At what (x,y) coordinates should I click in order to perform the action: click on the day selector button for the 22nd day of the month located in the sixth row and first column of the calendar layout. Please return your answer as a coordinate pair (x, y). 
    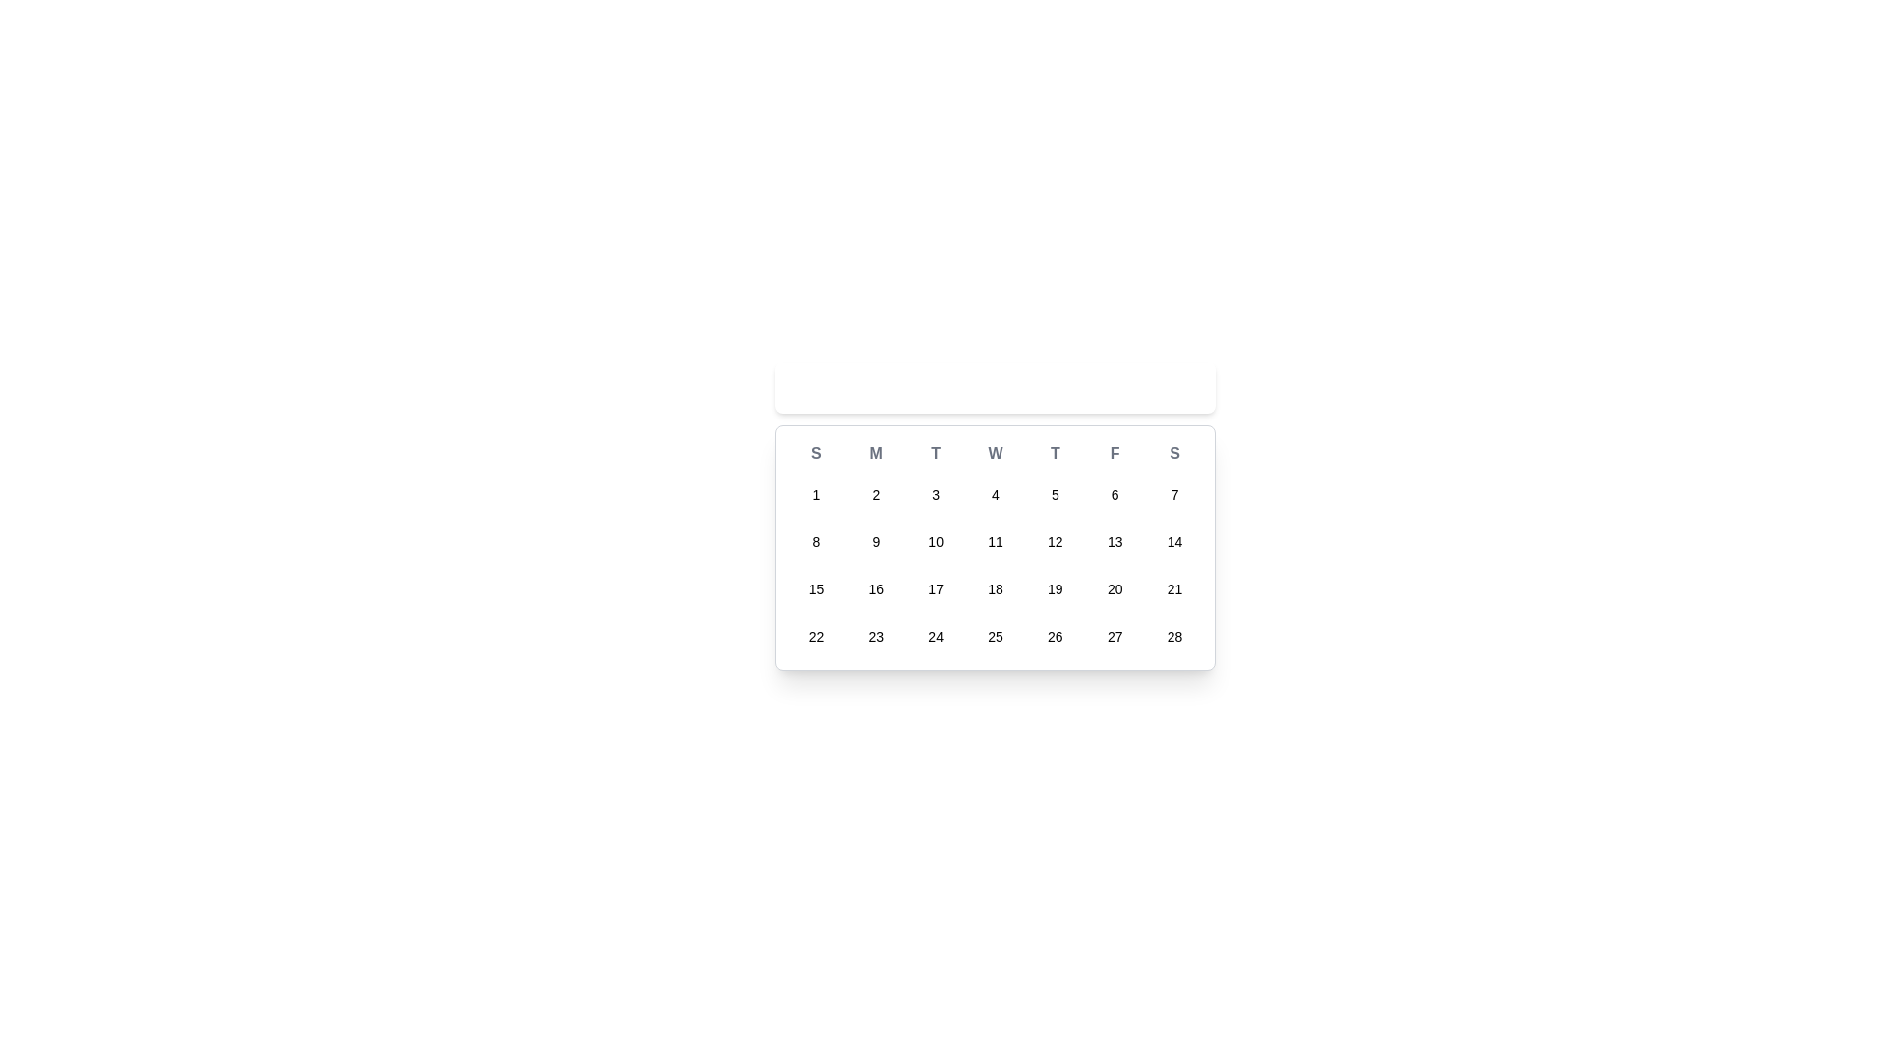
    Looking at the image, I should click on (816, 637).